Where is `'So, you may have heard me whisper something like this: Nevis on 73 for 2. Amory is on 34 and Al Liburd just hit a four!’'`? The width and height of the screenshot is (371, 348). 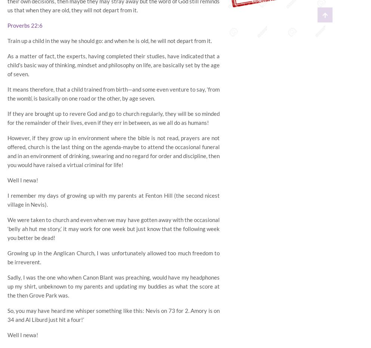 'So, you may have heard me whisper something like this: Nevis on 73 for 2. Amory is on 34 and Al Liburd just hit a four!’' is located at coordinates (113, 314).